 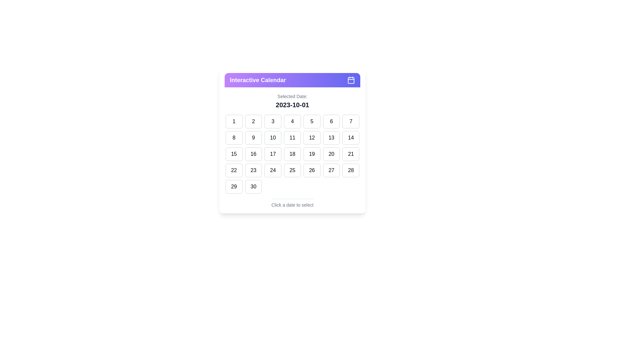 I want to click on the button, so click(x=311, y=122).